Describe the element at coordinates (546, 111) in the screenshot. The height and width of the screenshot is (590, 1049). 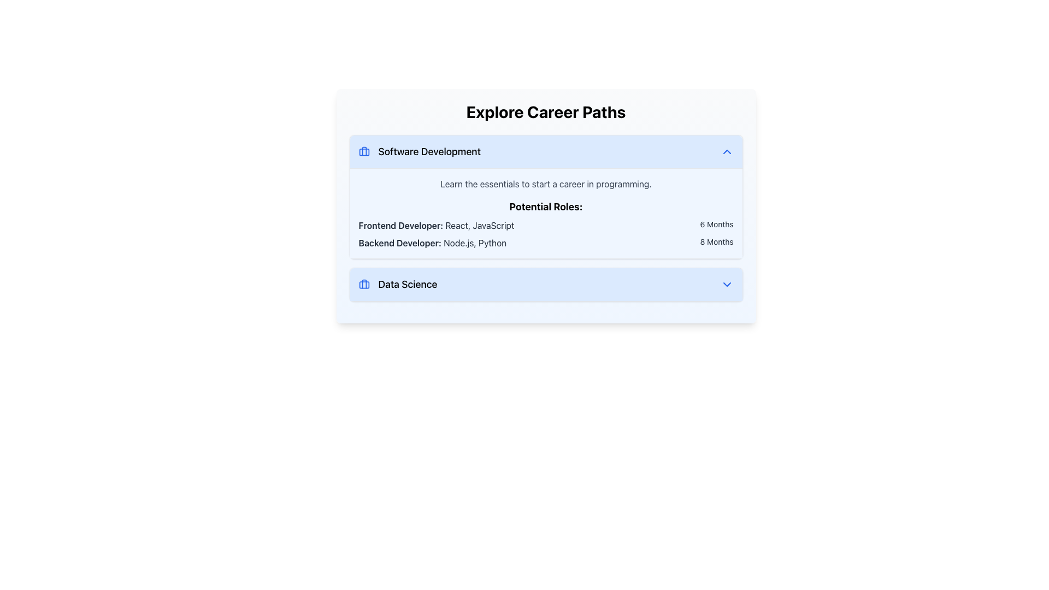
I see `header text that introduces the user to the section dedicated to exploring career paths, positioned at the top center of the interface layout` at that location.